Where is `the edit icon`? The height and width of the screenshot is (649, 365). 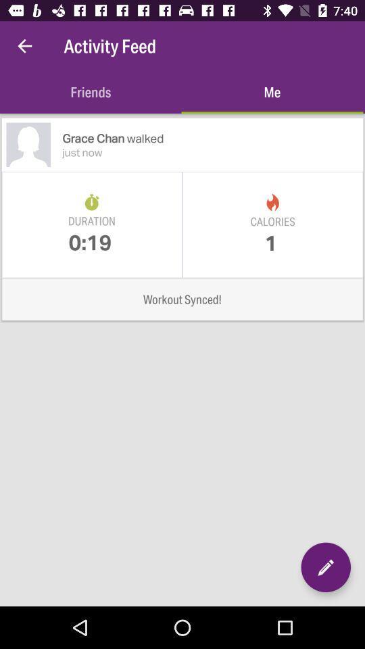
the edit icon is located at coordinates (325, 567).